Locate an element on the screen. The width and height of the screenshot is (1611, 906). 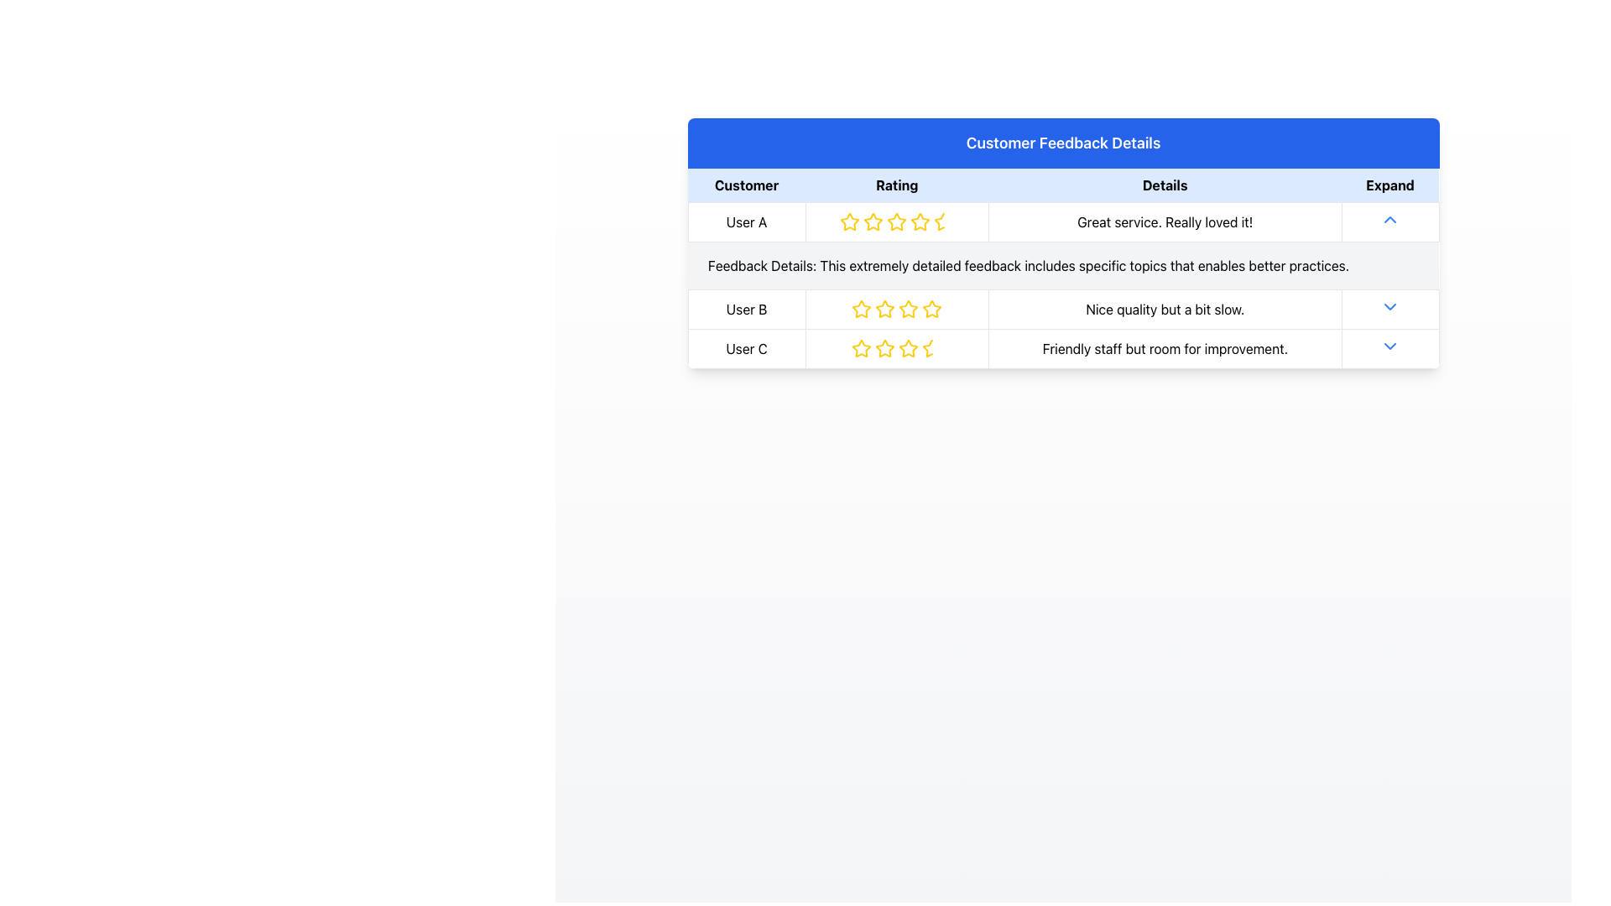
the toggle button in the 'Expand' column for 'User B' is located at coordinates (1390, 310).